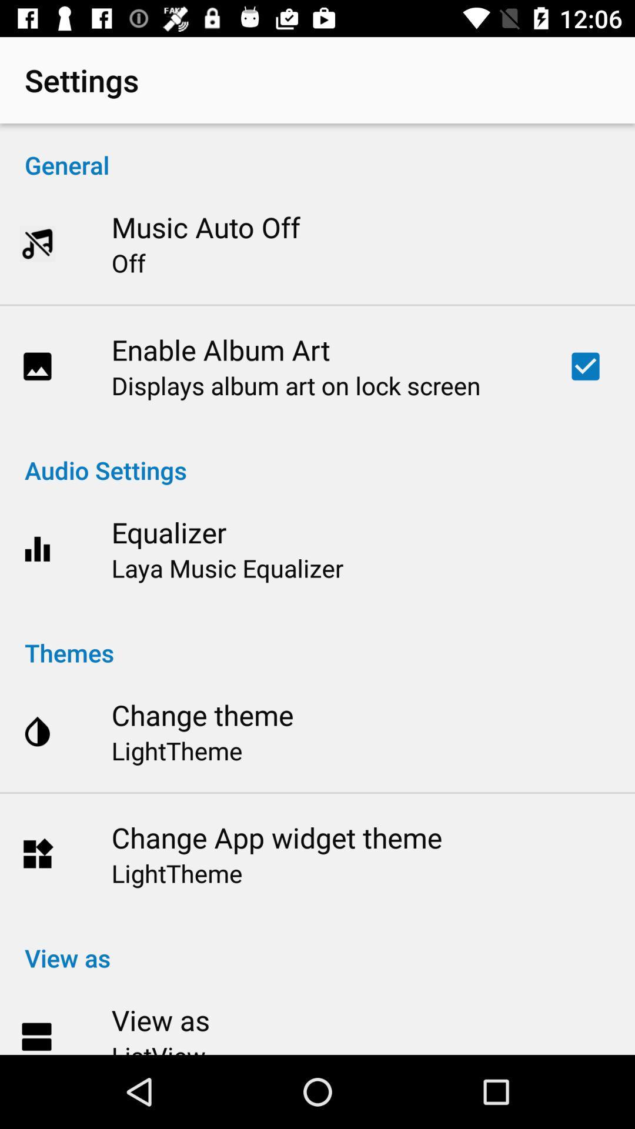 This screenshot has width=635, height=1129. Describe the element at coordinates (276, 837) in the screenshot. I see `the change app widget` at that location.